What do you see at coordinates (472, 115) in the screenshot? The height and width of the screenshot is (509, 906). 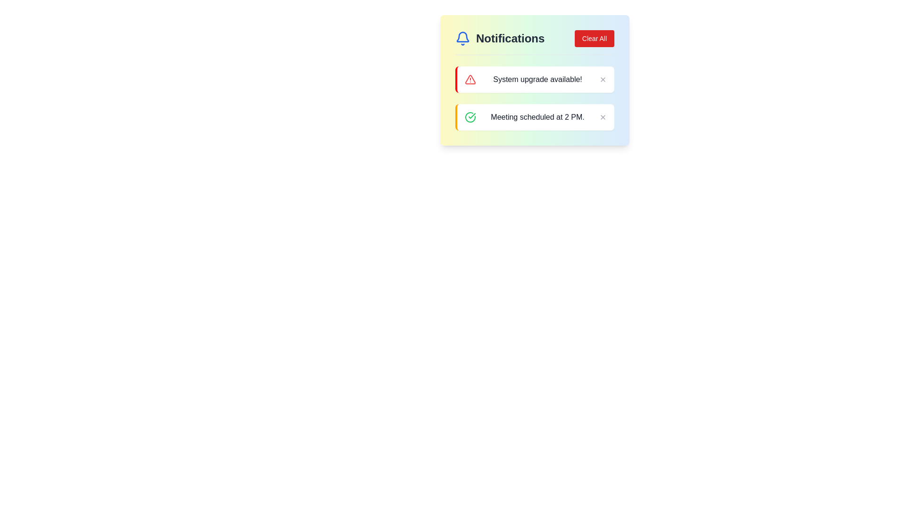 I see `the checkmark icon that represents a successful confirmation related to the notification 'Meeting scheduled at 2 PM'` at bounding box center [472, 115].